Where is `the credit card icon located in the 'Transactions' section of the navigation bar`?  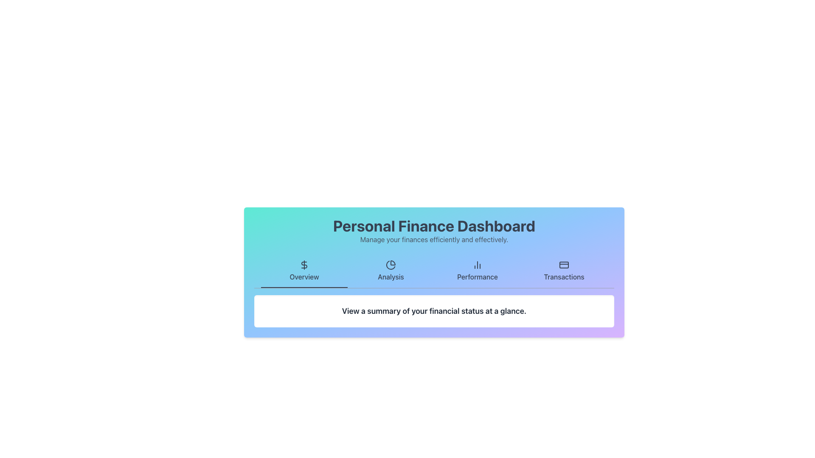 the credit card icon located in the 'Transactions' section of the navigation bar is located at coordinates (564, 264).